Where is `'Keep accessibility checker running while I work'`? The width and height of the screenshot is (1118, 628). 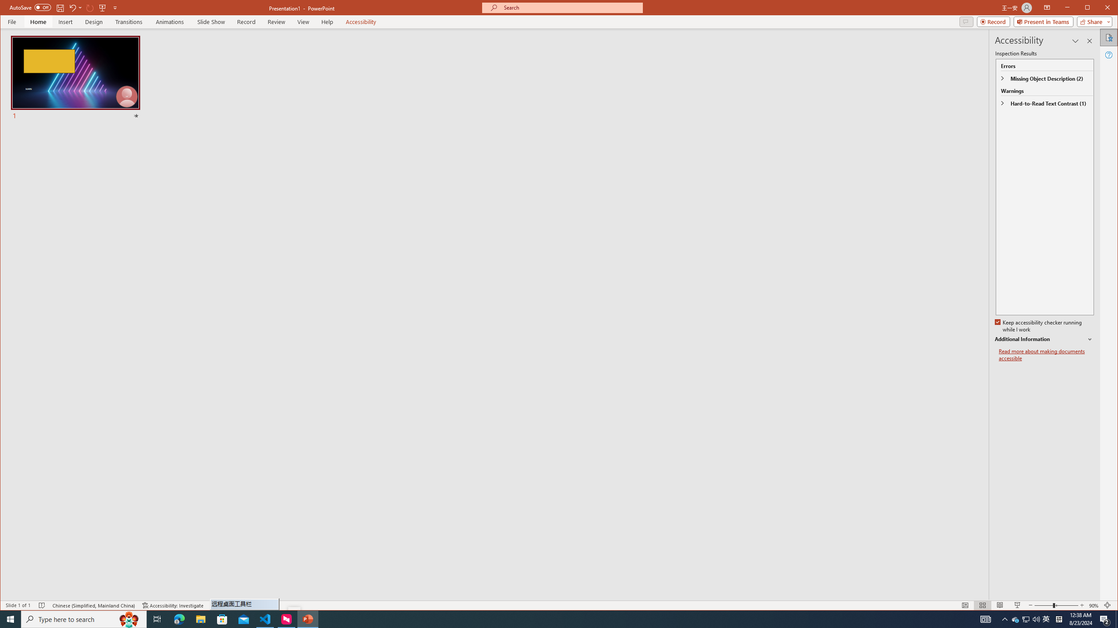
'Keep accessibility checker running while I work' is located at coordinates (1039, 326).